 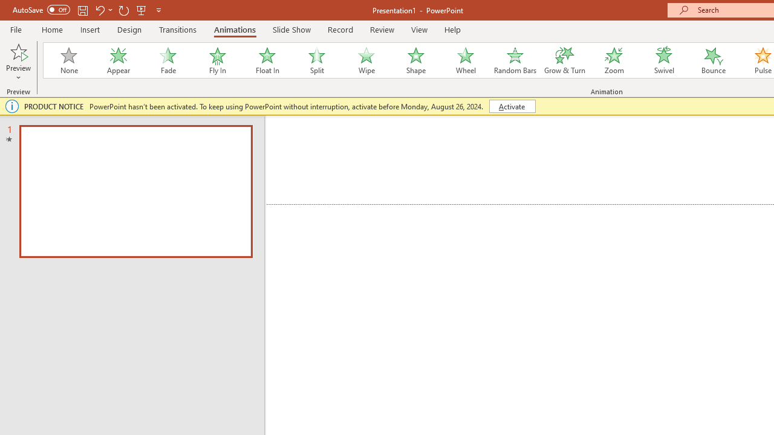 I want to click on 'Wipe', so click(x=365, y=60).